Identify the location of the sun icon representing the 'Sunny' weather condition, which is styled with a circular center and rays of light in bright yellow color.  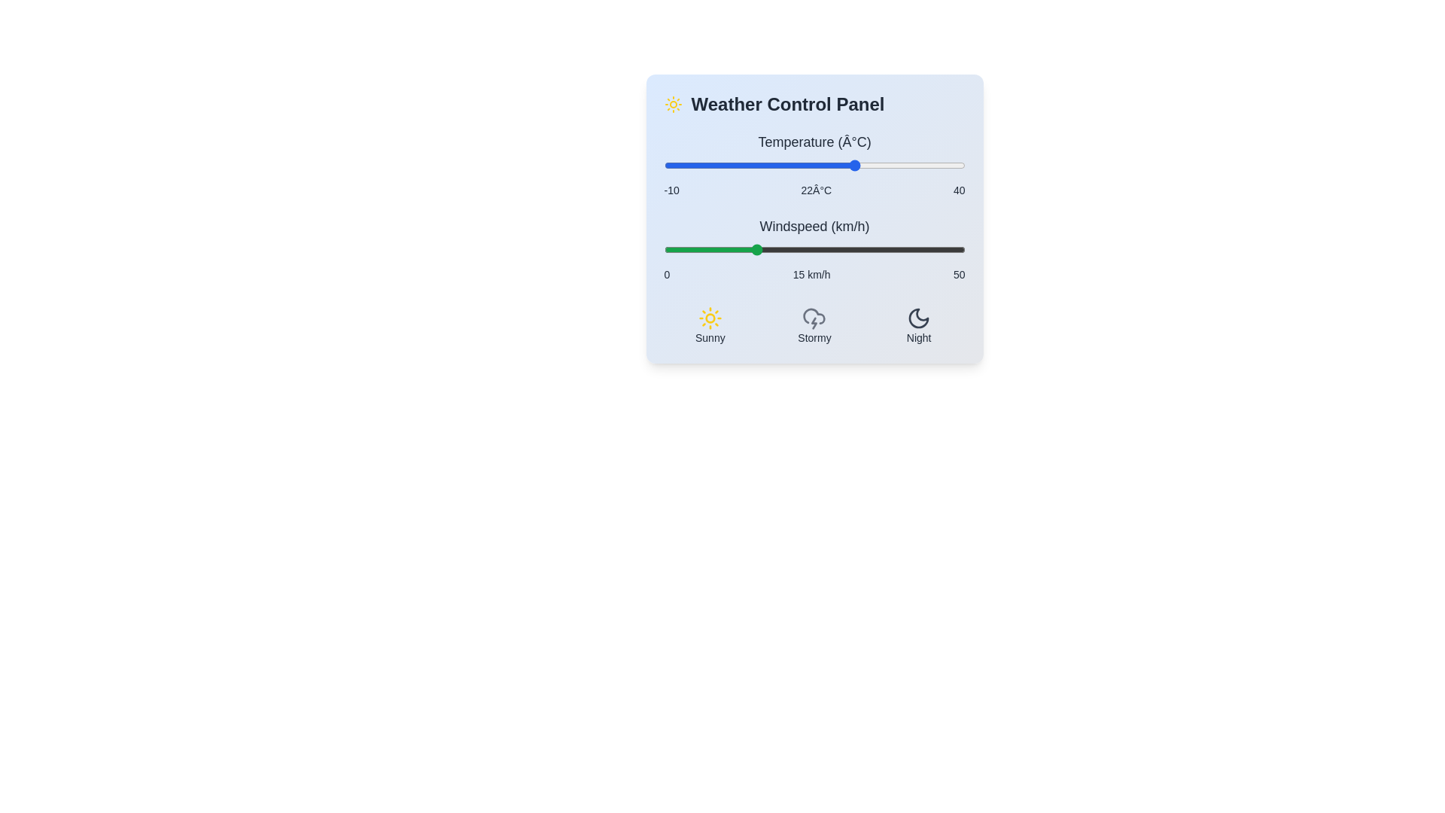
(709, 318).